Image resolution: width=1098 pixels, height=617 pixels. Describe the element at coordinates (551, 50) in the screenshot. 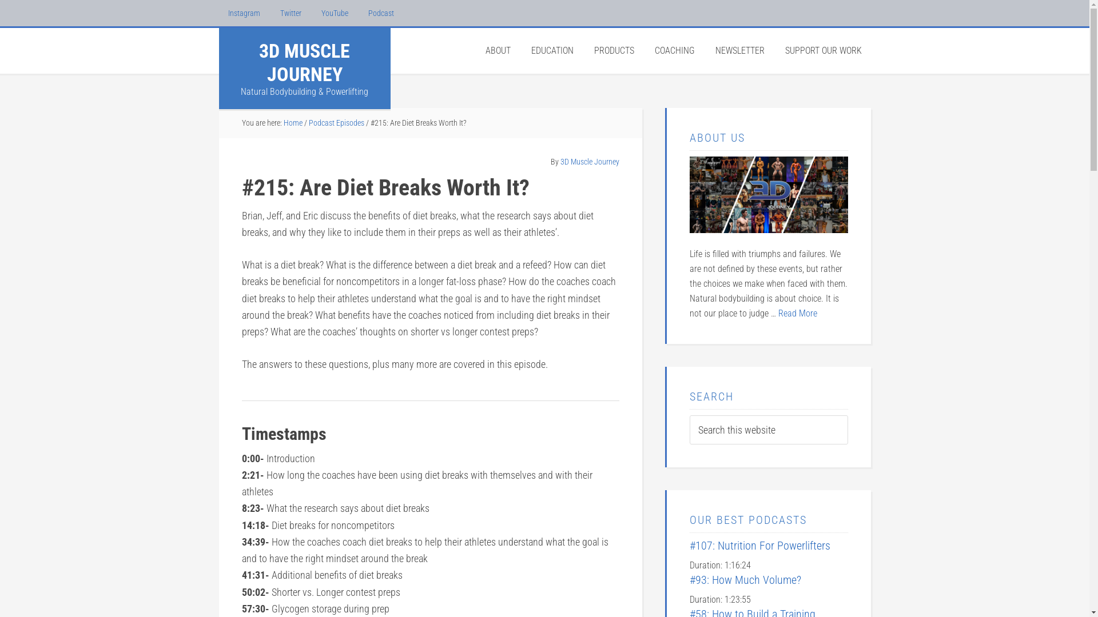

I see `'EDUCATION'` at that location.